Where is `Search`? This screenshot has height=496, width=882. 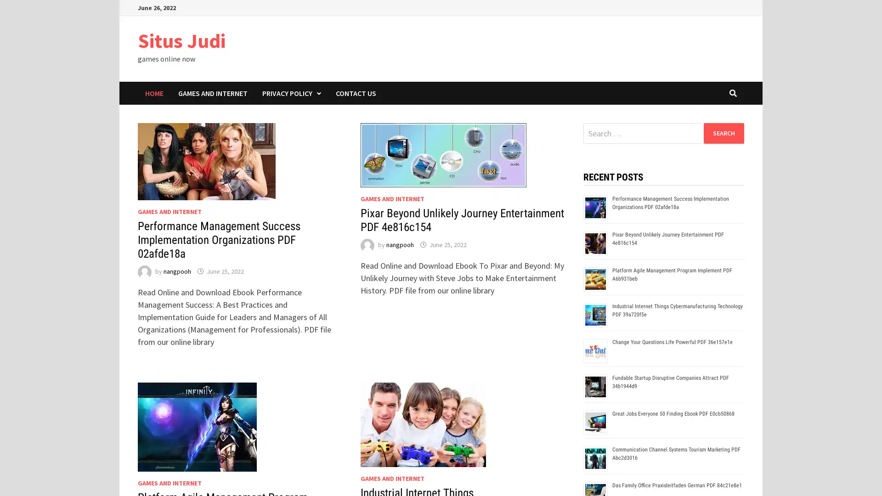
Search is located at coordinates (723, 133).